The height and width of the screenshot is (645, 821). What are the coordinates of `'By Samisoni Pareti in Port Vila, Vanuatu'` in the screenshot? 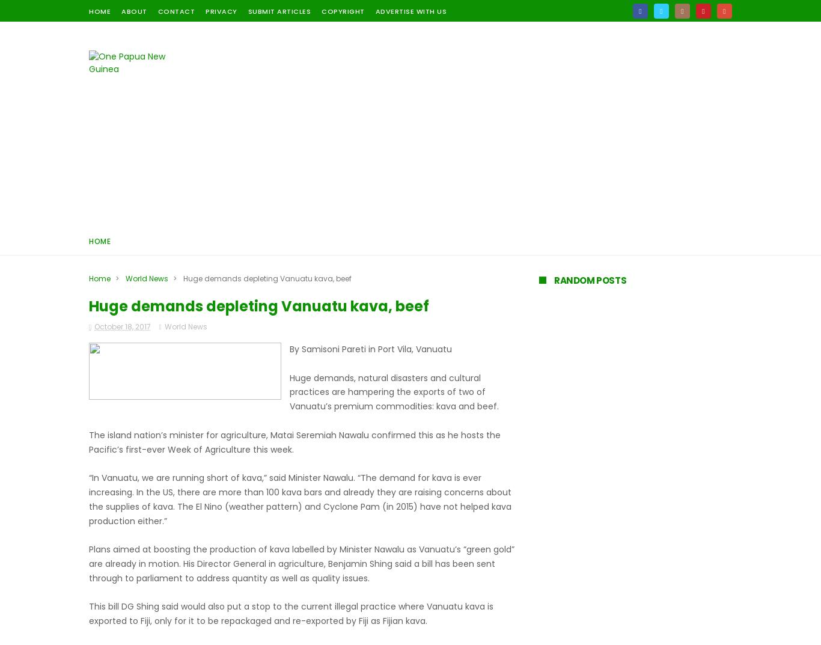 It's located at (370, 349).